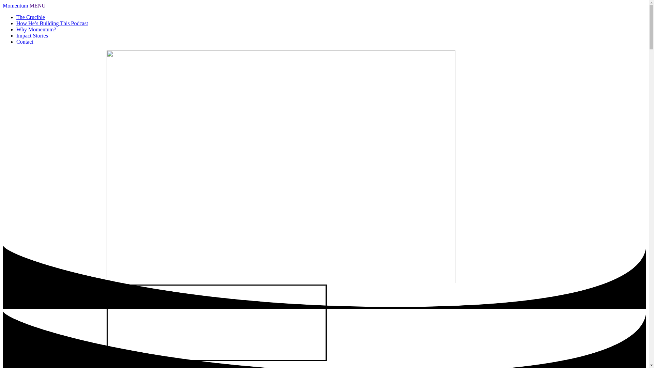  I want to click on 'Impact Stories', so click(32, 35).